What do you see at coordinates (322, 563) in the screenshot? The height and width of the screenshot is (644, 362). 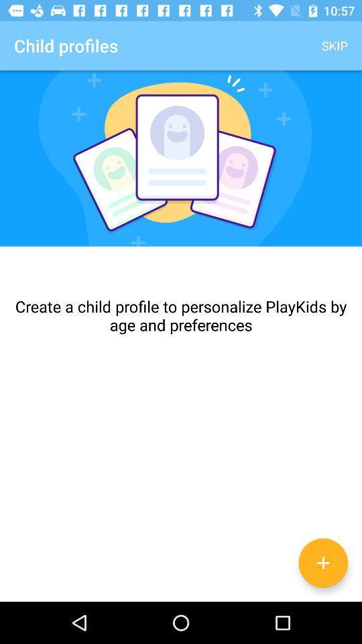 I see `the add icon` at bounding box center [322, 563].